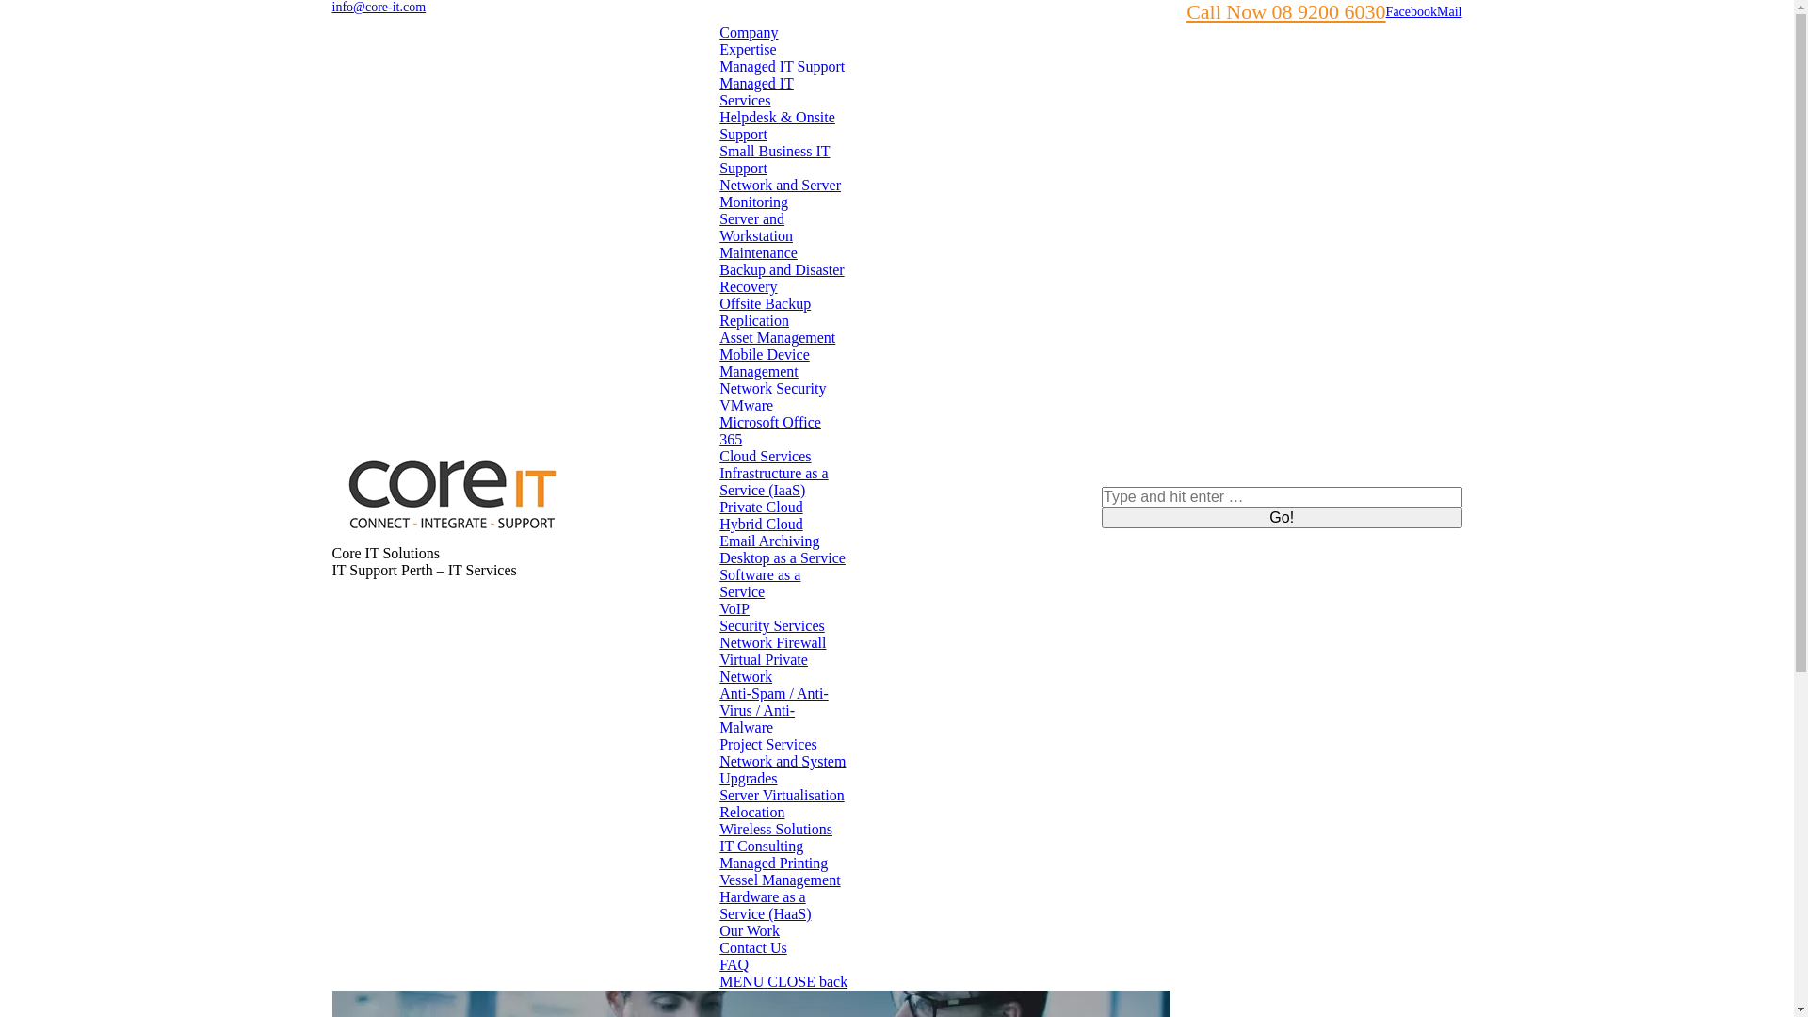  I want to click on 'Network Security', so click(772, 387).